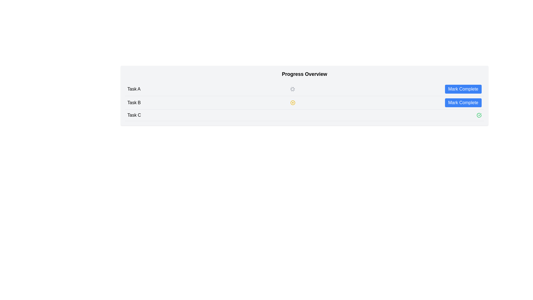 The image size is (533, 300). Describe the element at coordinates (292, 89) in the screenshot. I see `the loading spinner icon indicating the progress of Task A, which is the second item in the task progress overview table, located between the task label and the 'Mark Complete' button` at that location.